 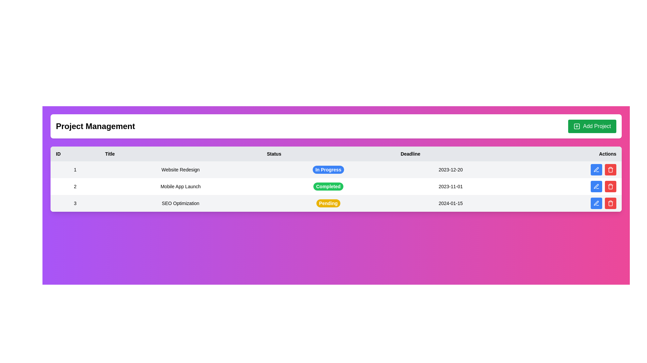 I want to click on the 'Pending' badge, which is a pill-shaped badge with a bright yellow background and white bold text, located in the 'Status' column of the third row of the project details table, so click(x=328, y=203).